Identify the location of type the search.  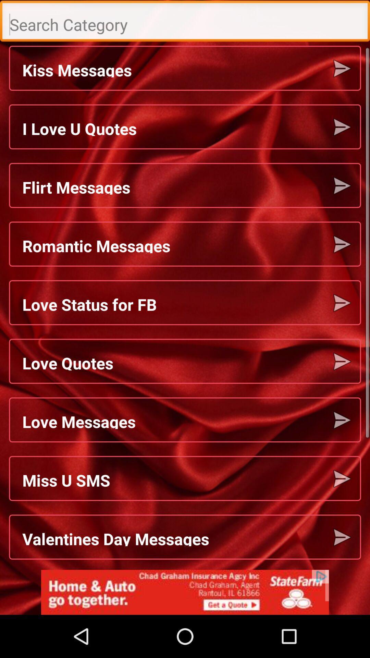
(185, 23).